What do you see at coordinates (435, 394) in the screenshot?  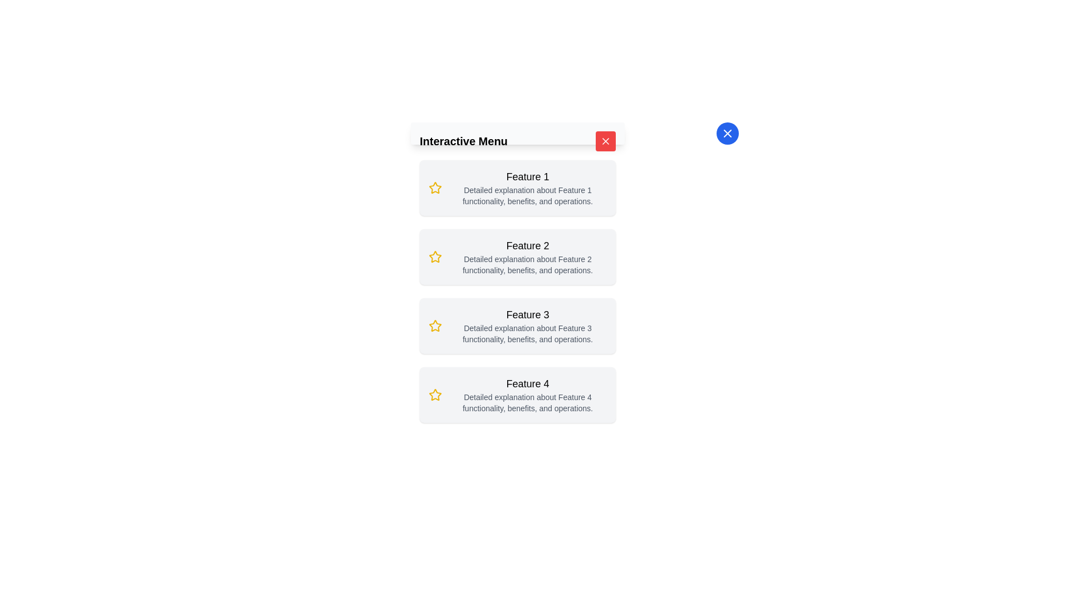 I see `the star icon representing the 'Feature 4'` at bounding box center [435, 394].